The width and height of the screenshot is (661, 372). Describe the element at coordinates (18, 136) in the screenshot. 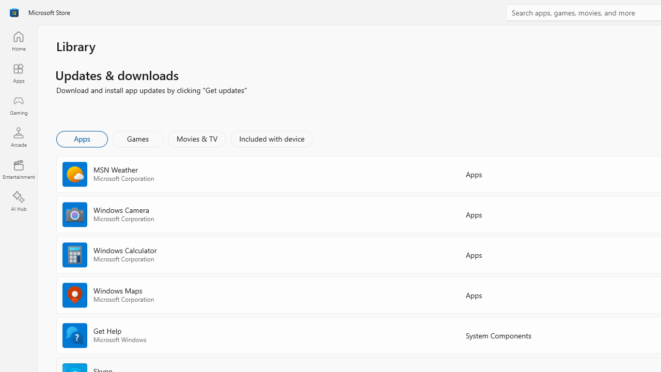

I see `'Arcade'` at that location.